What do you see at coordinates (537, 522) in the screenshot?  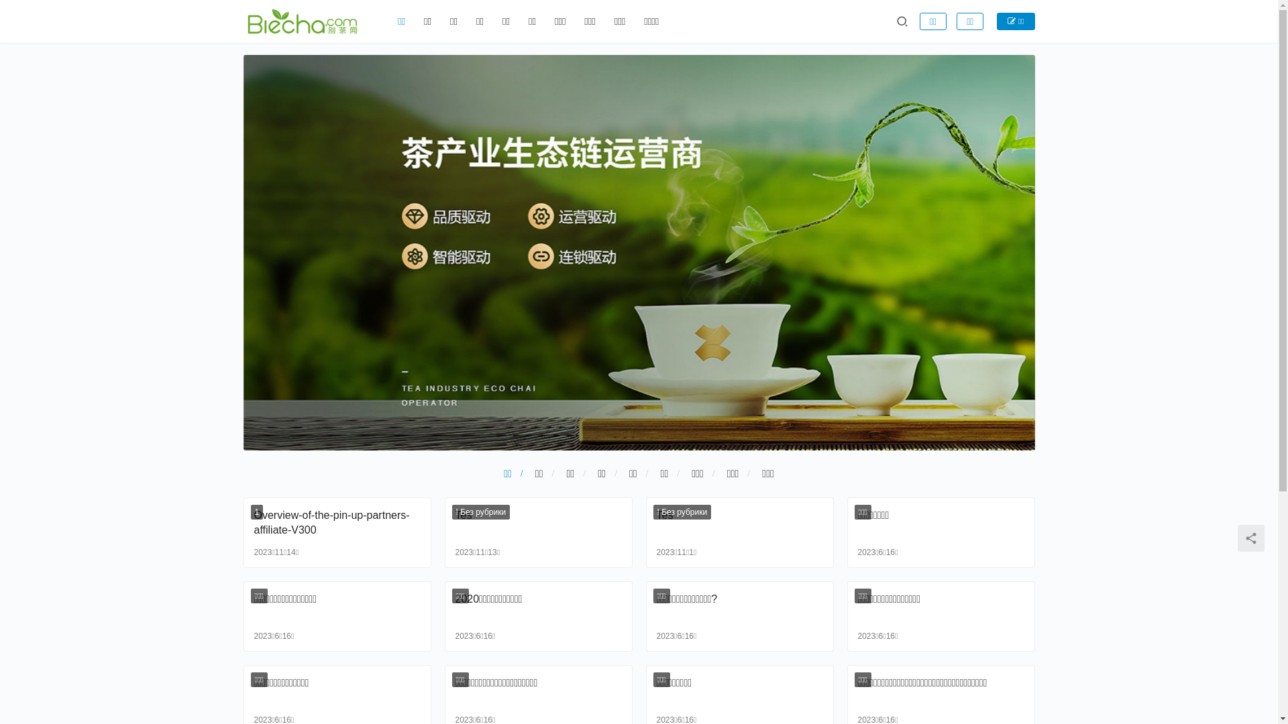 I see `'Tes'` at bounding box center [537, 522].